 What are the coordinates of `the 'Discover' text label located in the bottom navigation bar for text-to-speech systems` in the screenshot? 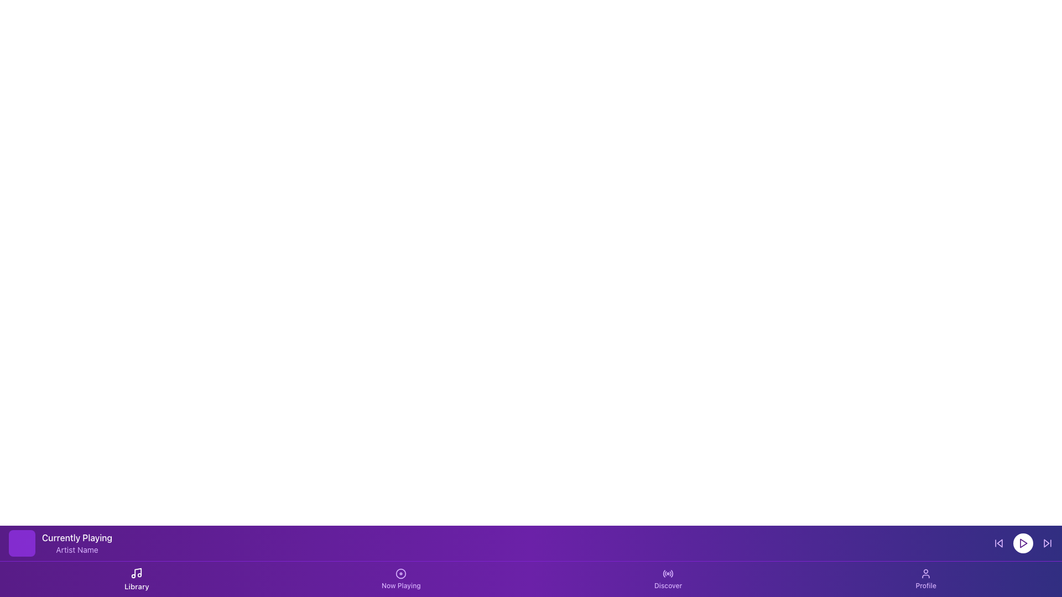 It's located at (668, 585).